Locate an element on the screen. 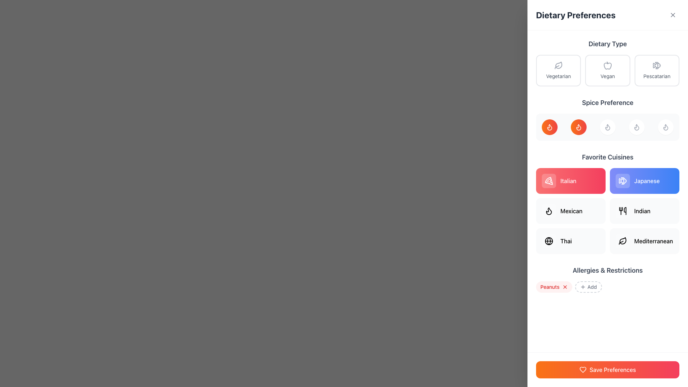 This screenshot has height=387, width=688. the 'Pescatarian' button, which is a button with a light gray border, rounded corners, and a white background, featuring a fish icon and the text 'Pescatarian' in a small, gray, capitalized font, located in the top-right of the three-column grid of dietary type buttons is located at coordinates (657, 70).